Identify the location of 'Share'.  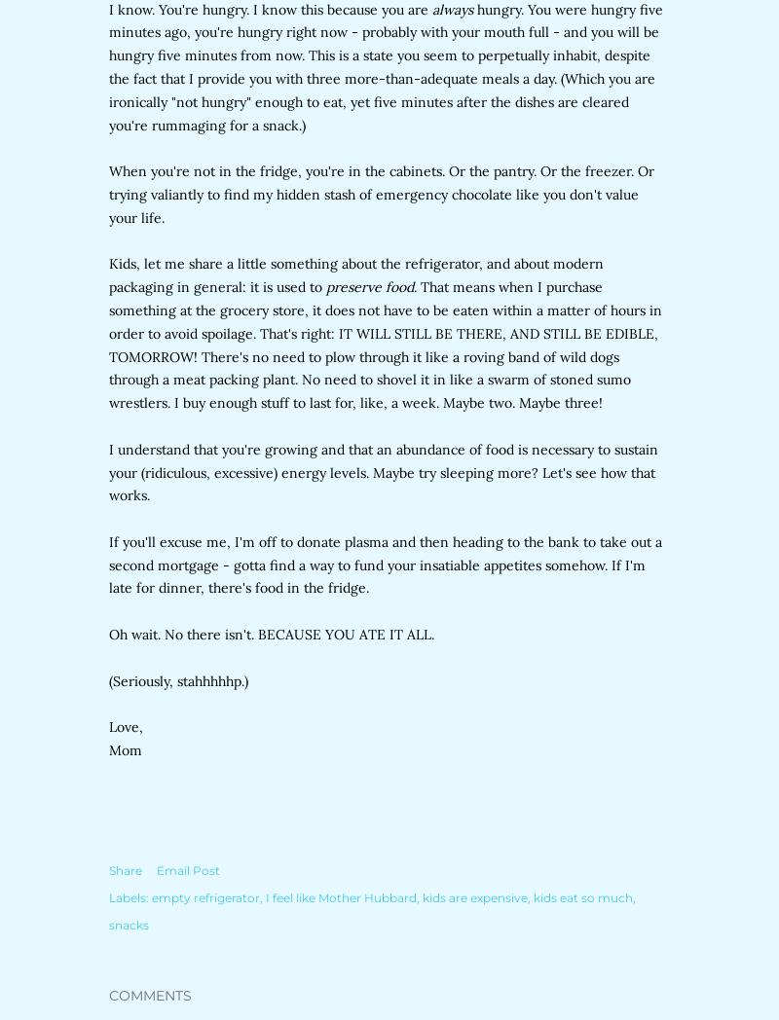
(125, 869).